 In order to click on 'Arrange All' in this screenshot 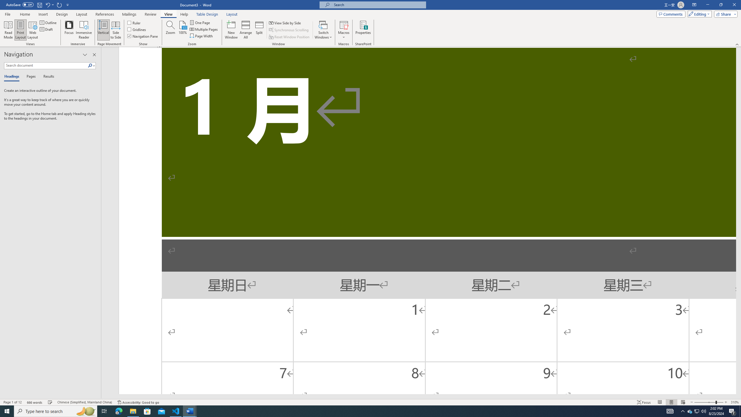, I will do `click(245, 30)`.